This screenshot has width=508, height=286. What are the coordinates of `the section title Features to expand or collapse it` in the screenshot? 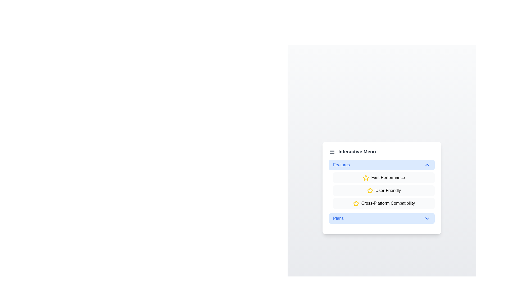 It's located at (382, 164).